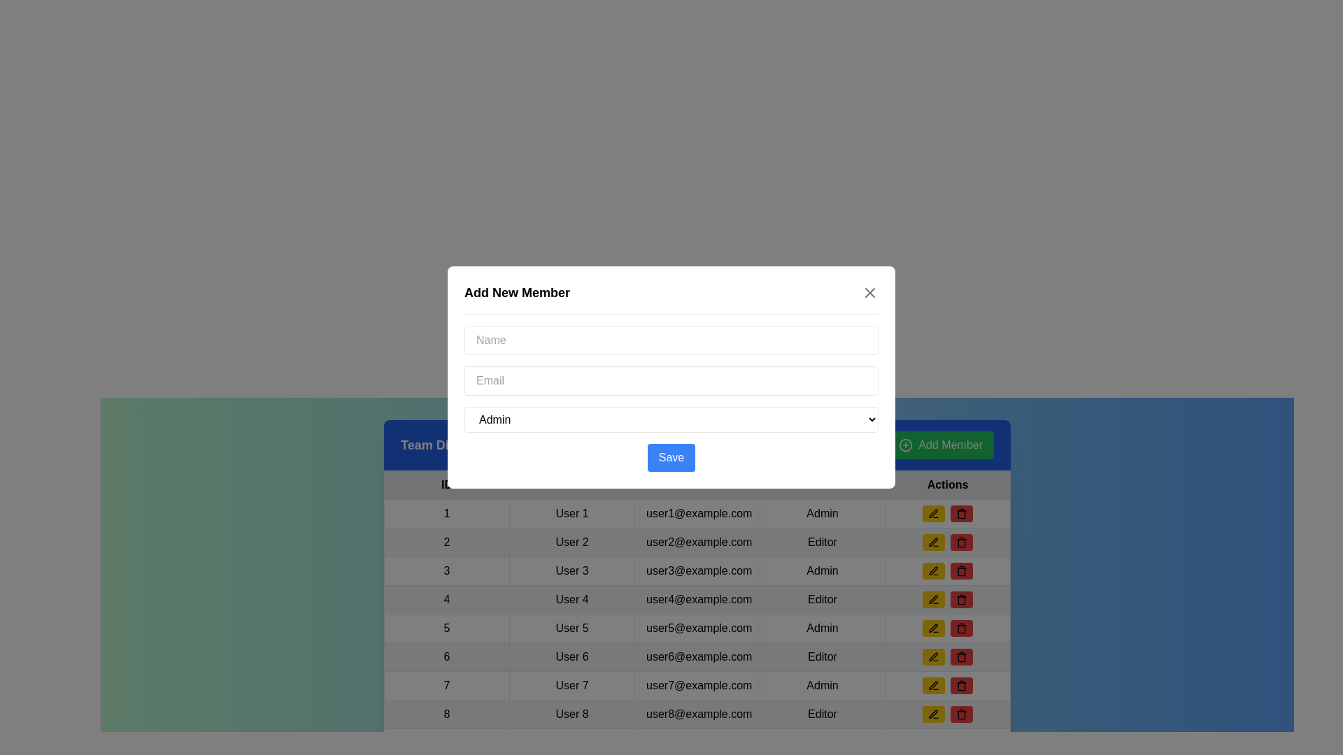 Image resolution: width=1343 pixels, height=755 pixels. What do you see at coordinates (960, 541) in the screenshot?
I see `the red button with a trash can icon located in the 'Actions' column of the table row` at bounding box center [960, 541].